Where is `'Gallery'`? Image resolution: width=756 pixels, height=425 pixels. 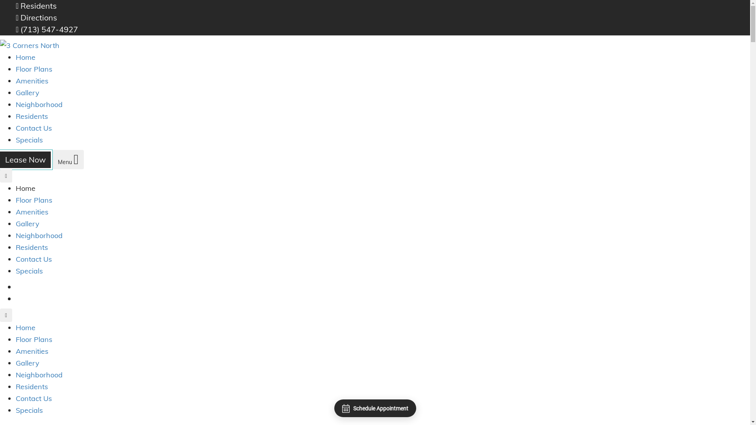
'Gallery' is located at coordinates (15, 363).